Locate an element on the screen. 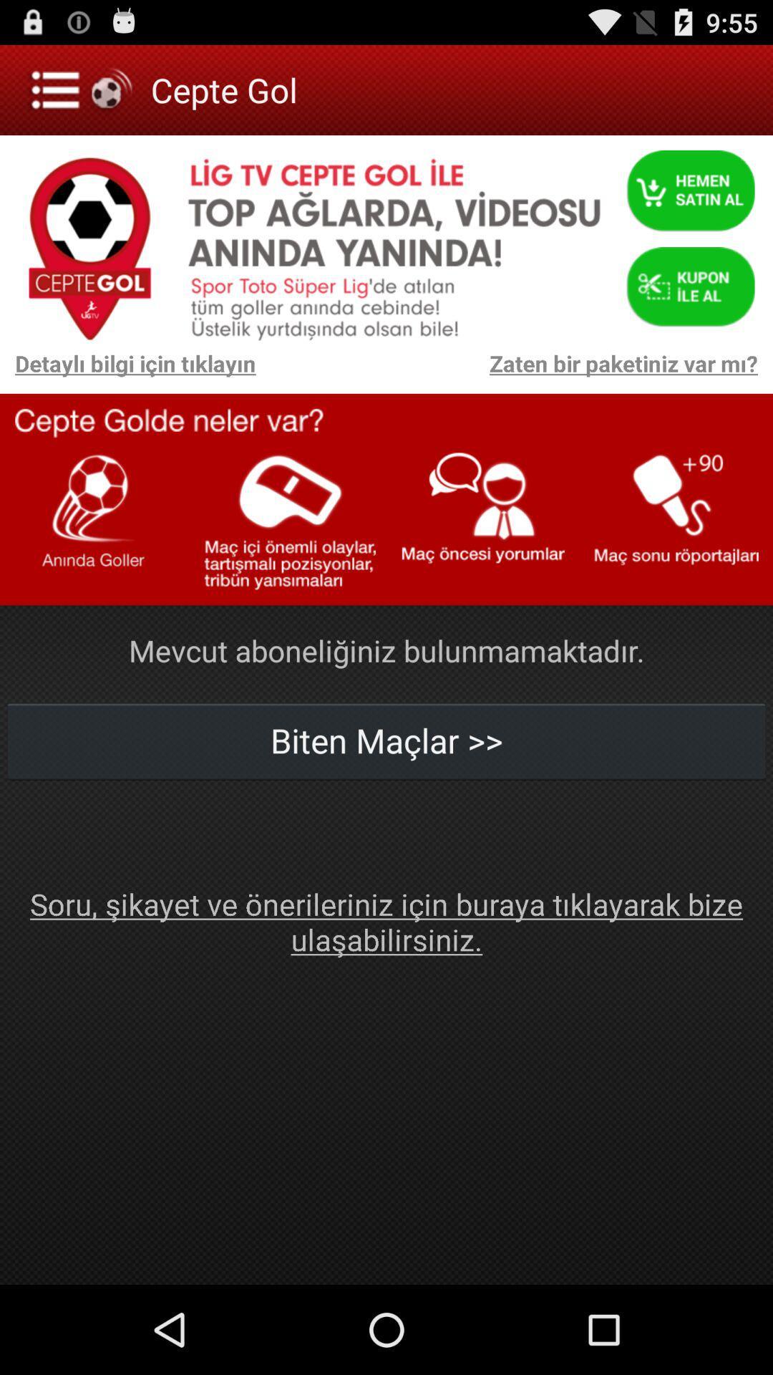 The height and width of the screenshot is (1375, 773). the menu option on the top left side of page is located at coordinates (82, 89).